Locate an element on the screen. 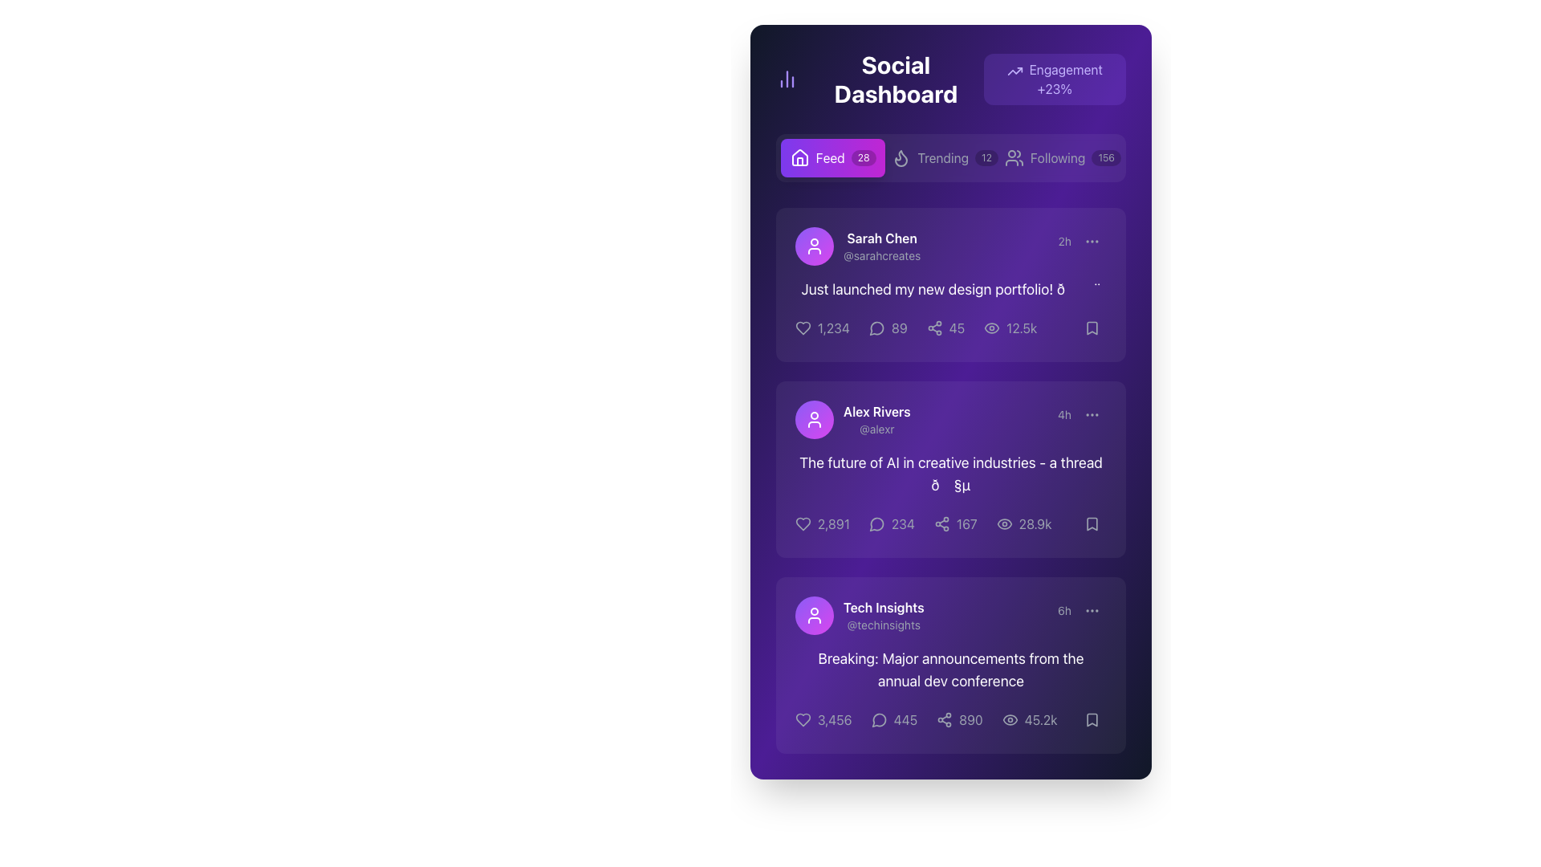 The height and width of the screenshot is (867, 1541). the Decorative icon that visually represents the 'Trending' tab in the navigation menu, located directly to the left of the text 'Trending' is located at coordinates (901, 157).